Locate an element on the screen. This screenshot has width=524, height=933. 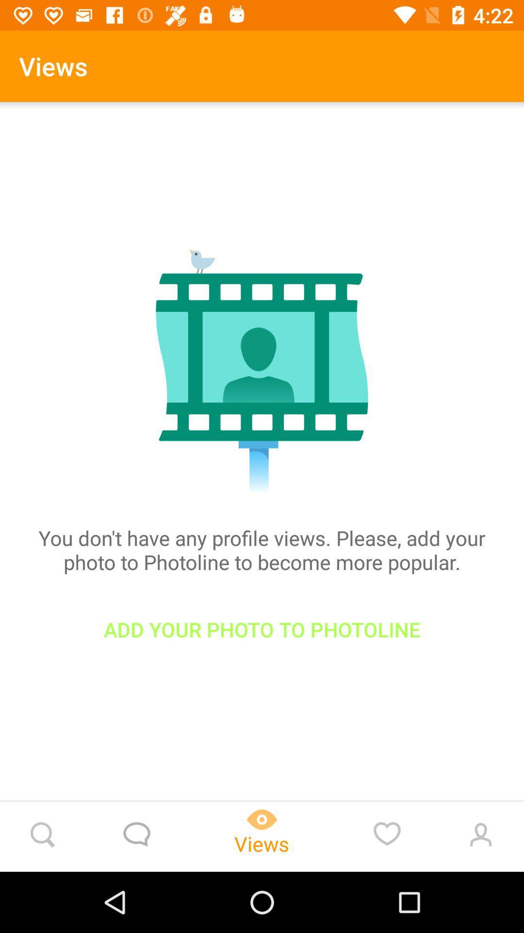
the play icon is located at coordinates (262, 836).